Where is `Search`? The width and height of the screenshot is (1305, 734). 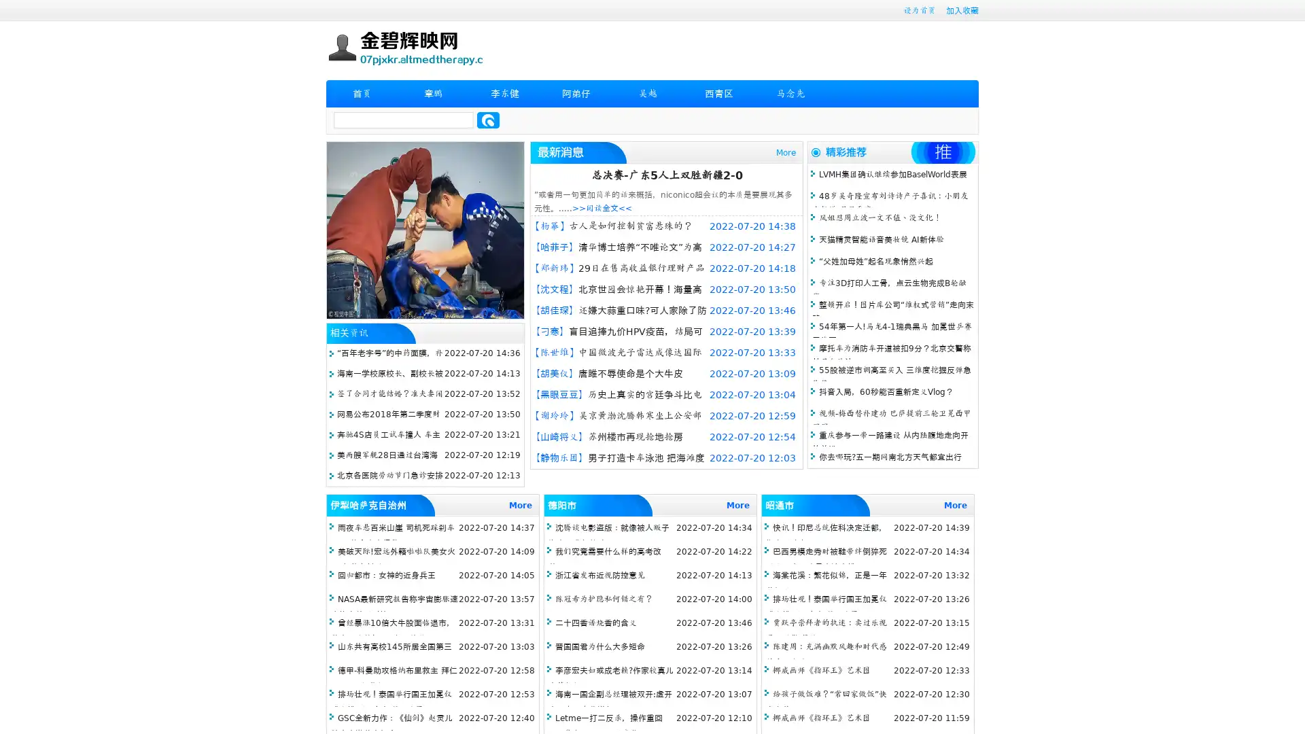
Search is located at coordinates (488, 120).